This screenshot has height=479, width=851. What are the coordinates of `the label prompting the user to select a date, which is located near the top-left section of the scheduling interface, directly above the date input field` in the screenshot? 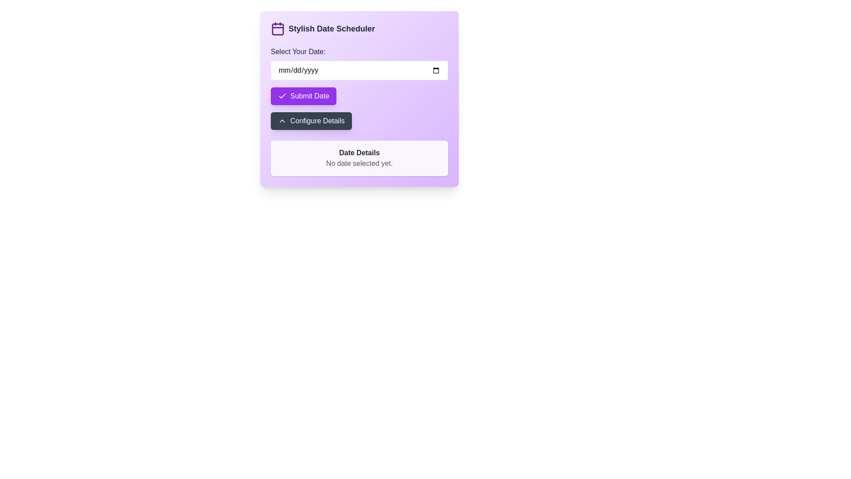 It's located at (298, 51).